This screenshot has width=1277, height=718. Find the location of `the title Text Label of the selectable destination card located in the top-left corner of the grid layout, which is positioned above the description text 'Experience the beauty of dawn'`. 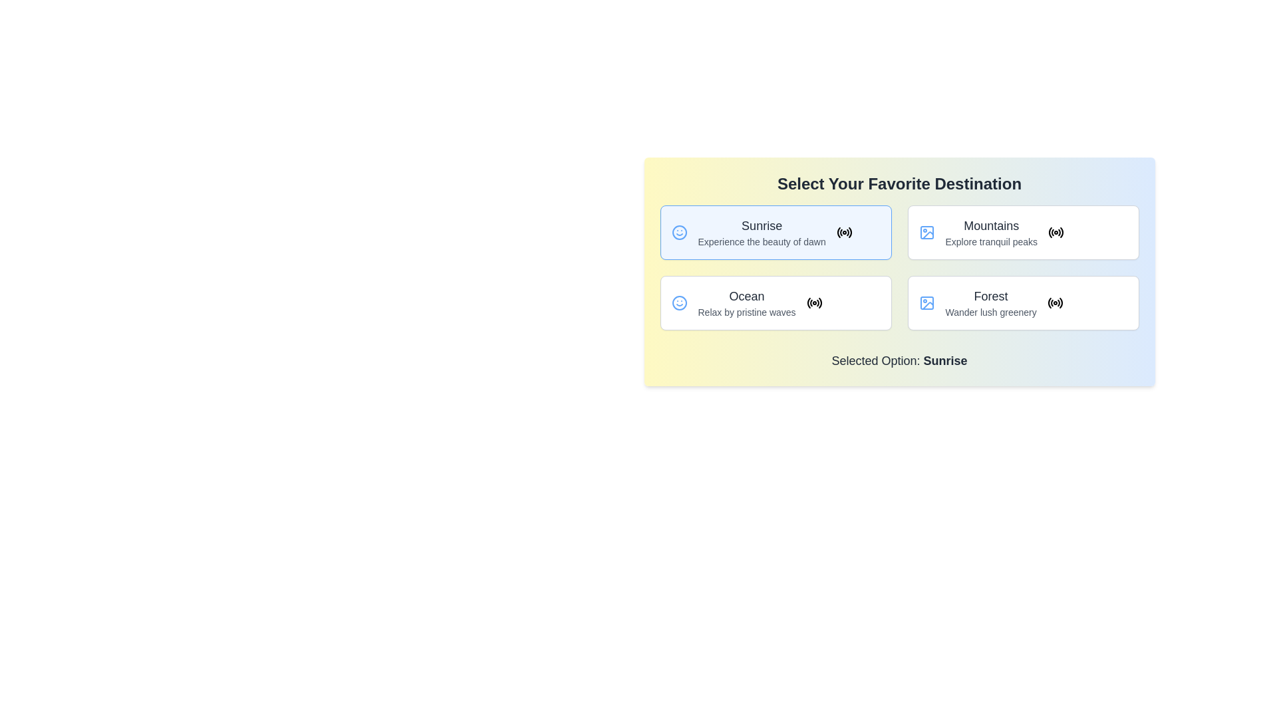

the title Text Label of the selectable destination card located in the top-left corner of the grid layout, which is positioned above the description text 'Experience the beauty of dawn' is located at coordinates (762, 225).